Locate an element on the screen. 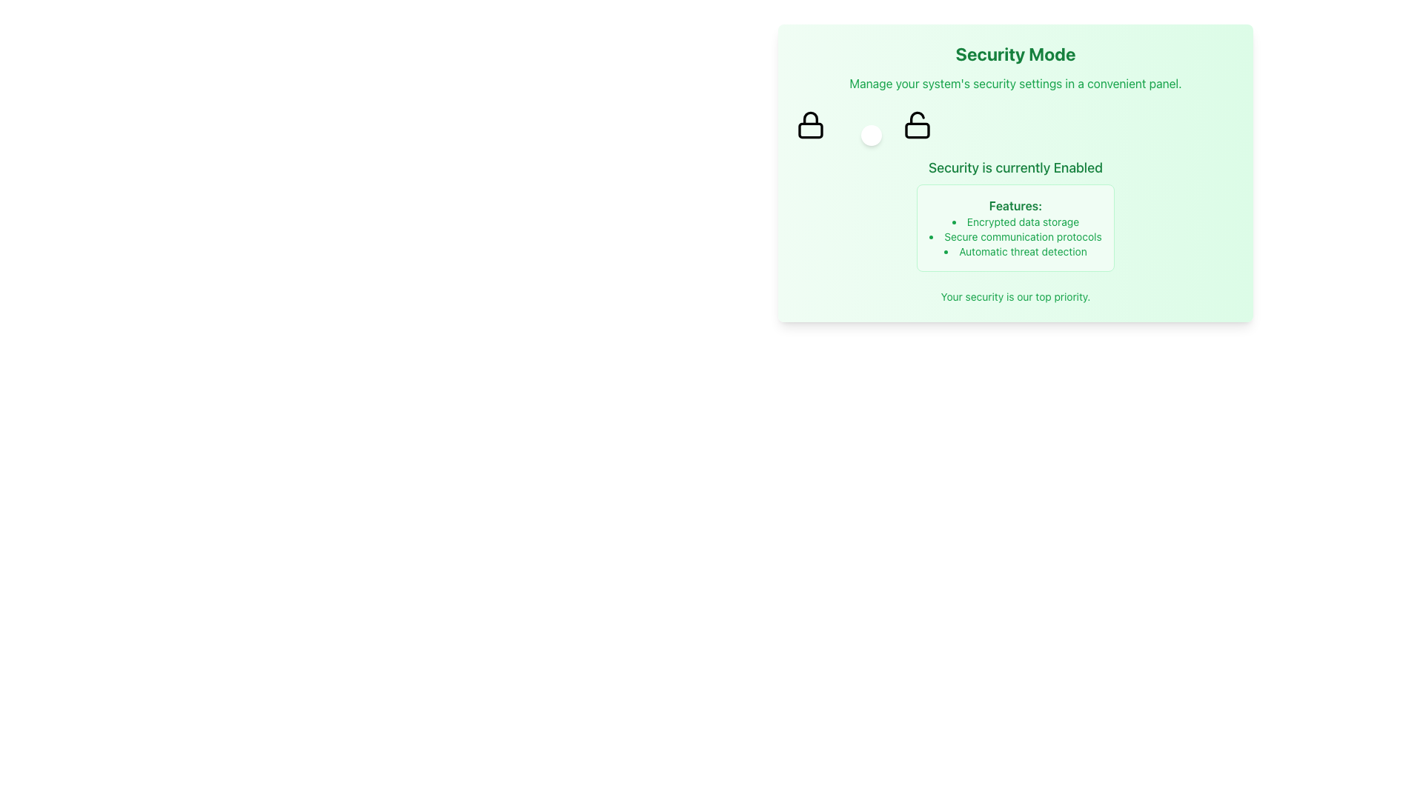  the 'Security Mode' TextBlock which is displayed in bold, large green font and contains a subtitle about managing system security settings is located at coordinates (1015, 67).